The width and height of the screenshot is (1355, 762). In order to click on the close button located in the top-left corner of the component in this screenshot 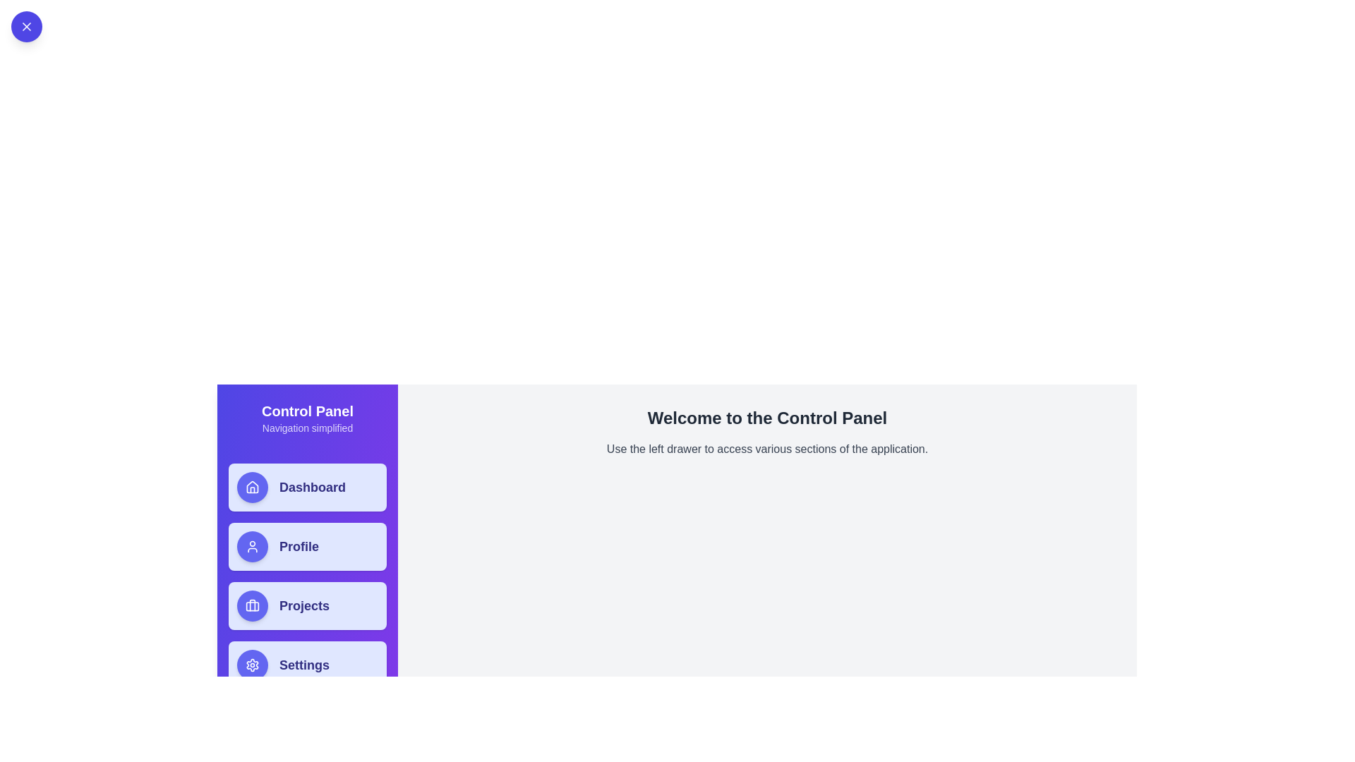, I will do `click(27, 27)`.